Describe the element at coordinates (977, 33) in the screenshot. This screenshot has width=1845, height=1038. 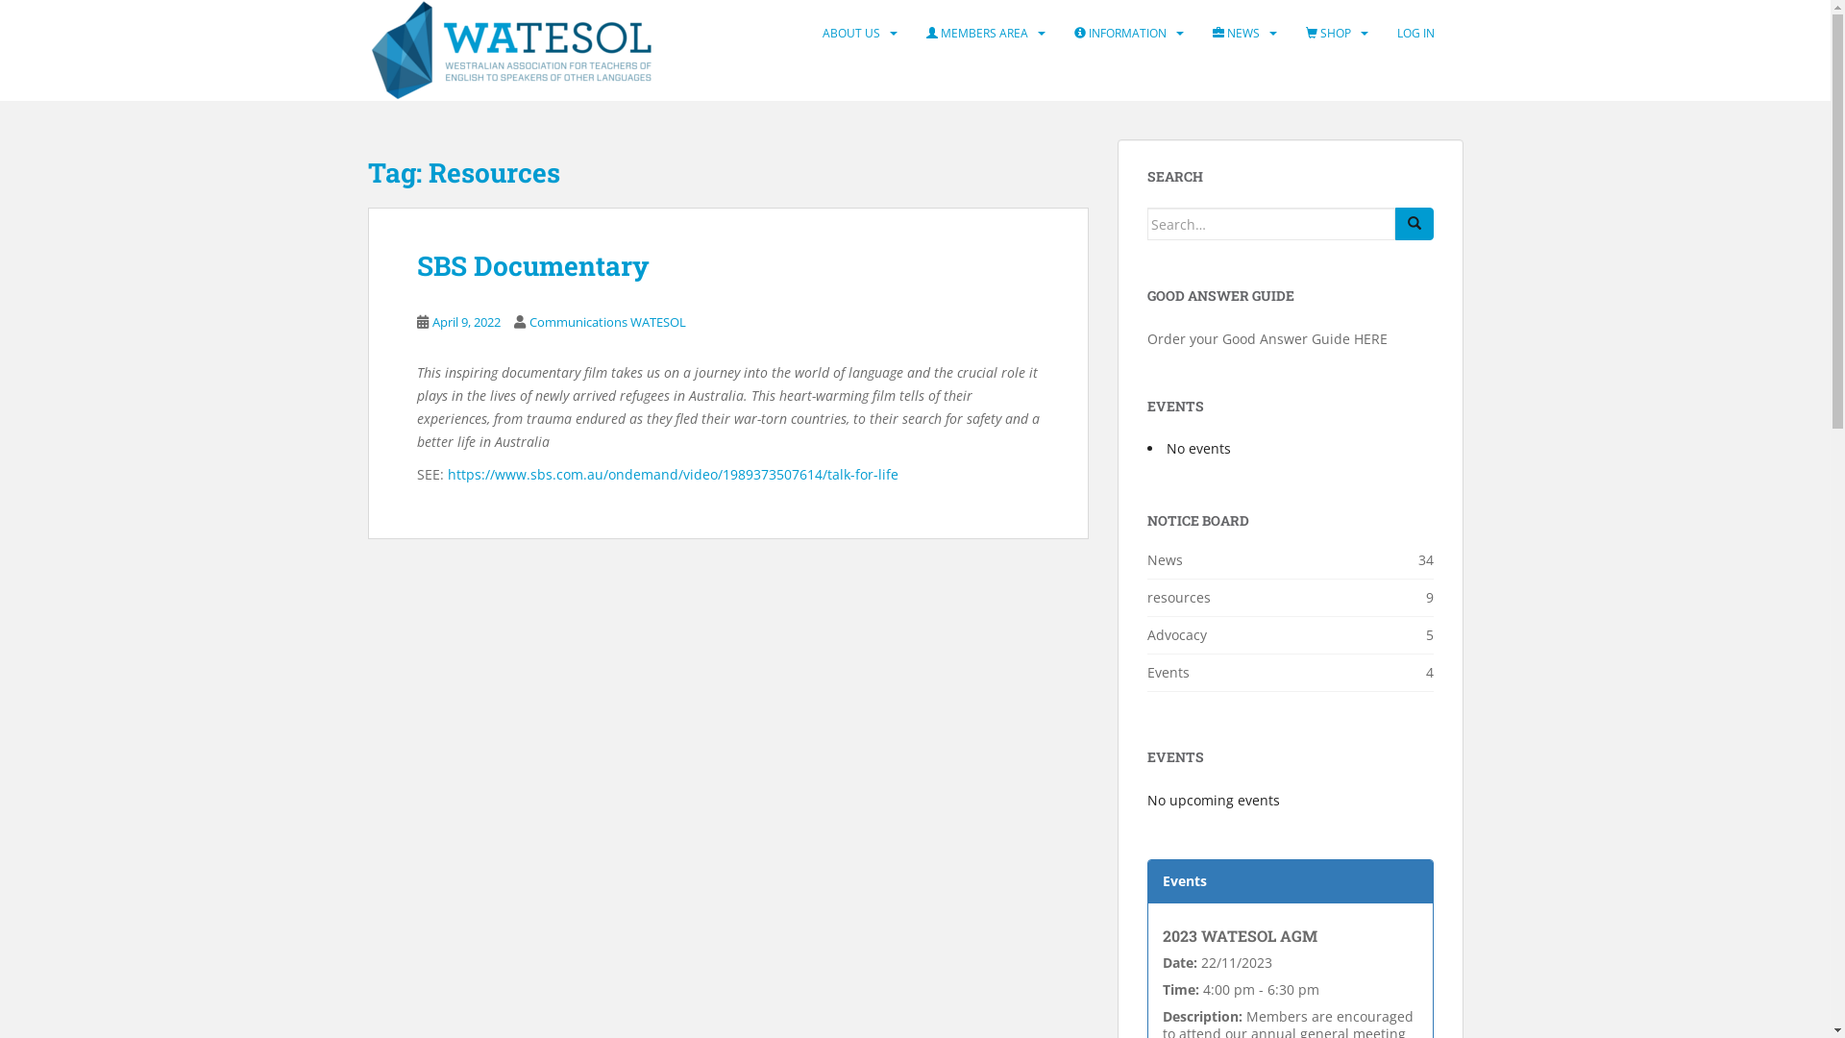
I see `'MEMBERS AREA'` at that location.